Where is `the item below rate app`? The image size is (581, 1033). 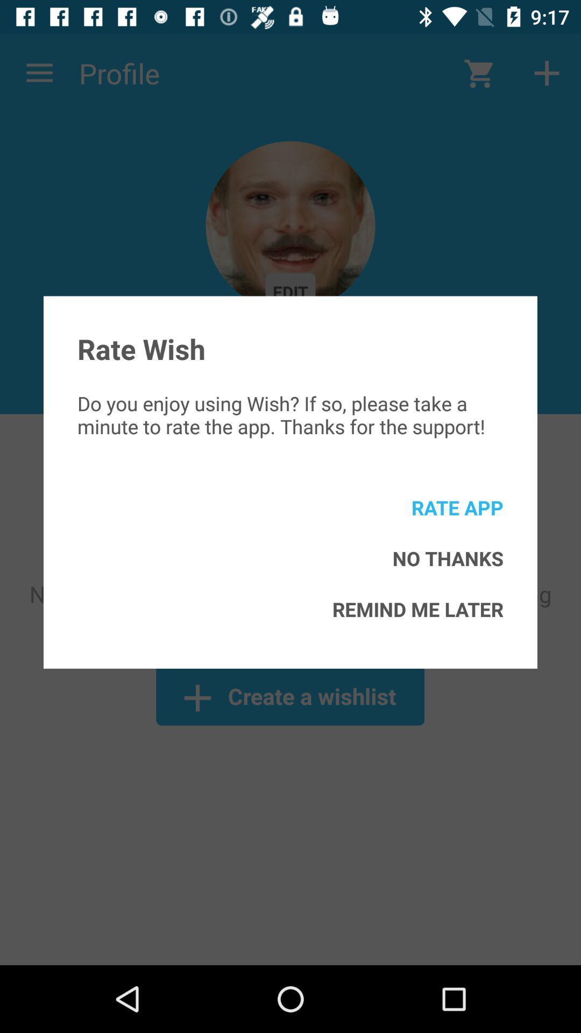
the item below rate app is located at coordinates (448, 558).